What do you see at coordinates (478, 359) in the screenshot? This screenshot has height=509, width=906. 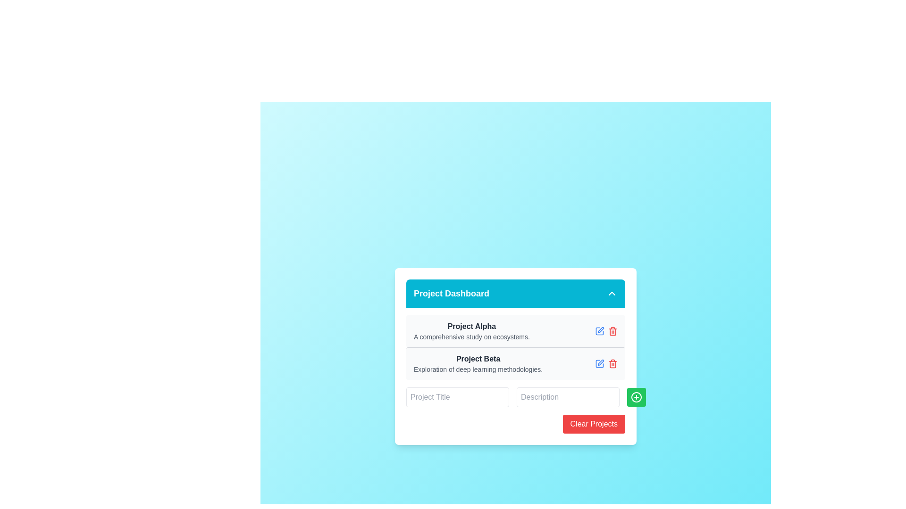 I see `the bold text label 'Project Beta', which is styled with a gray font color and is the second entry in the project list of the dashboard interface` at bounding box center [478, 359].